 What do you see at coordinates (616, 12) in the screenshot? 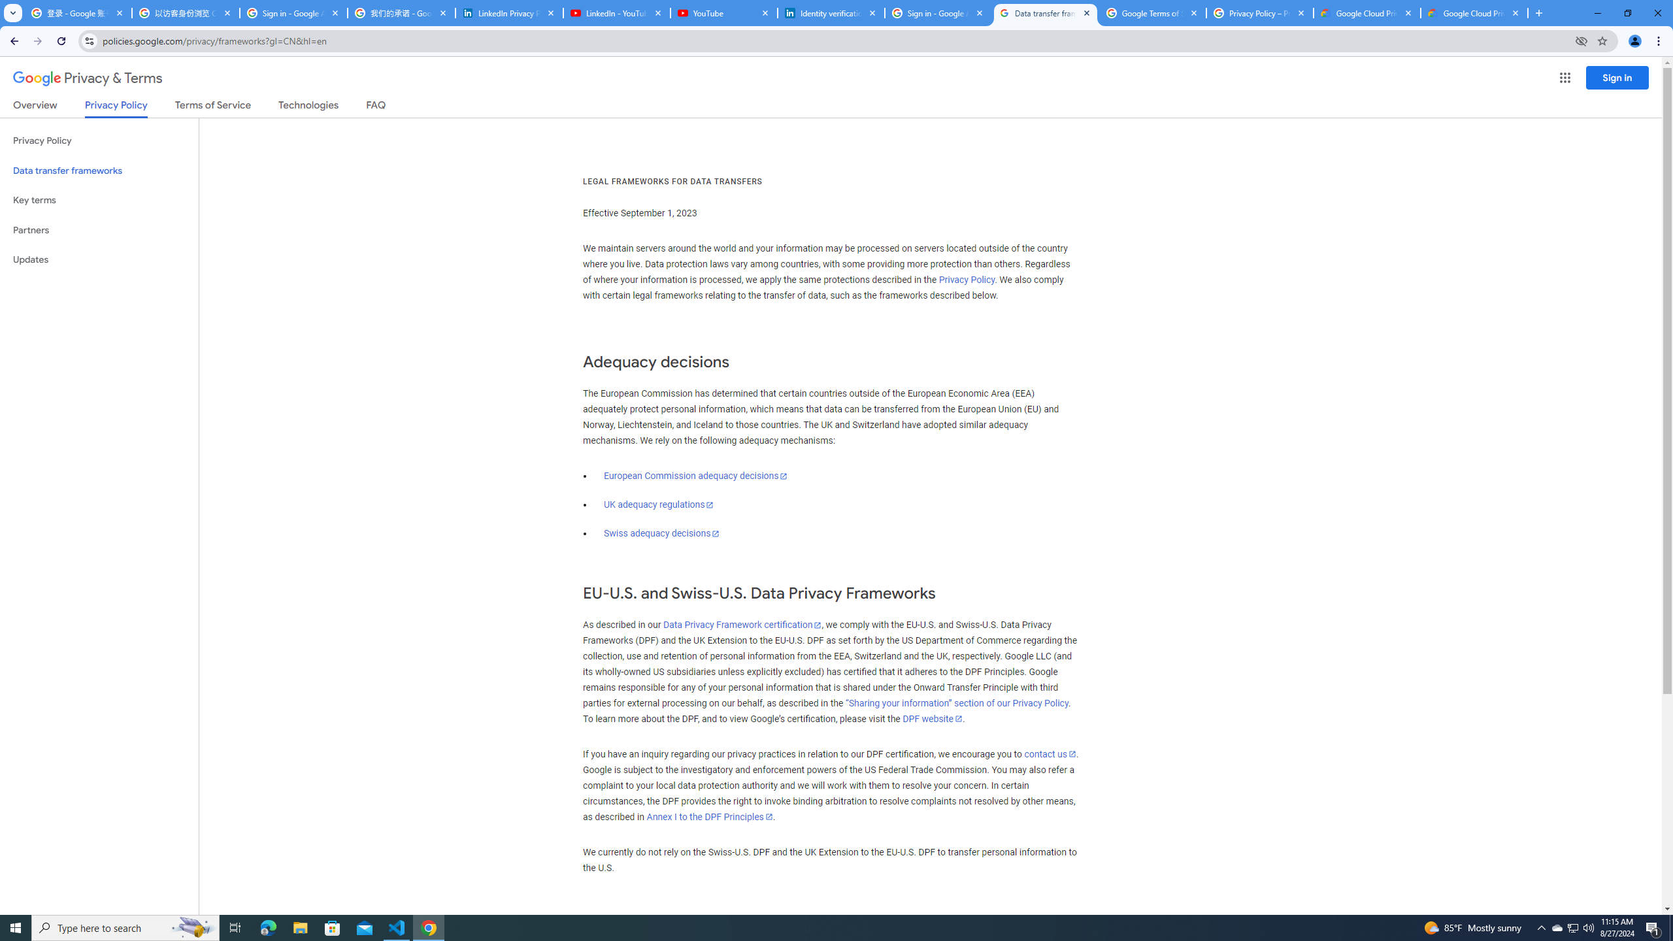
I see `'LinkedIn - YouTube'` at bounding box center [616, 12].